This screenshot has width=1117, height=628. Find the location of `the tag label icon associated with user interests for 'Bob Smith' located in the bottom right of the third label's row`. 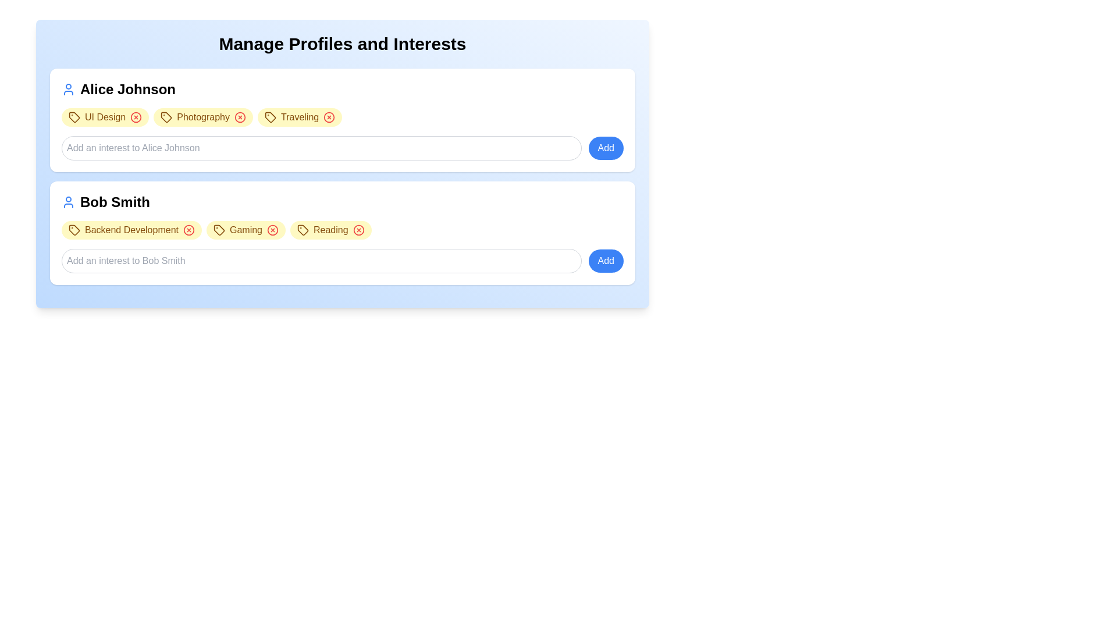

the tag label icon associated with user interests for 'Bob Smith' located in the bottom right of the third label's row is located at coordinates (303, 230).